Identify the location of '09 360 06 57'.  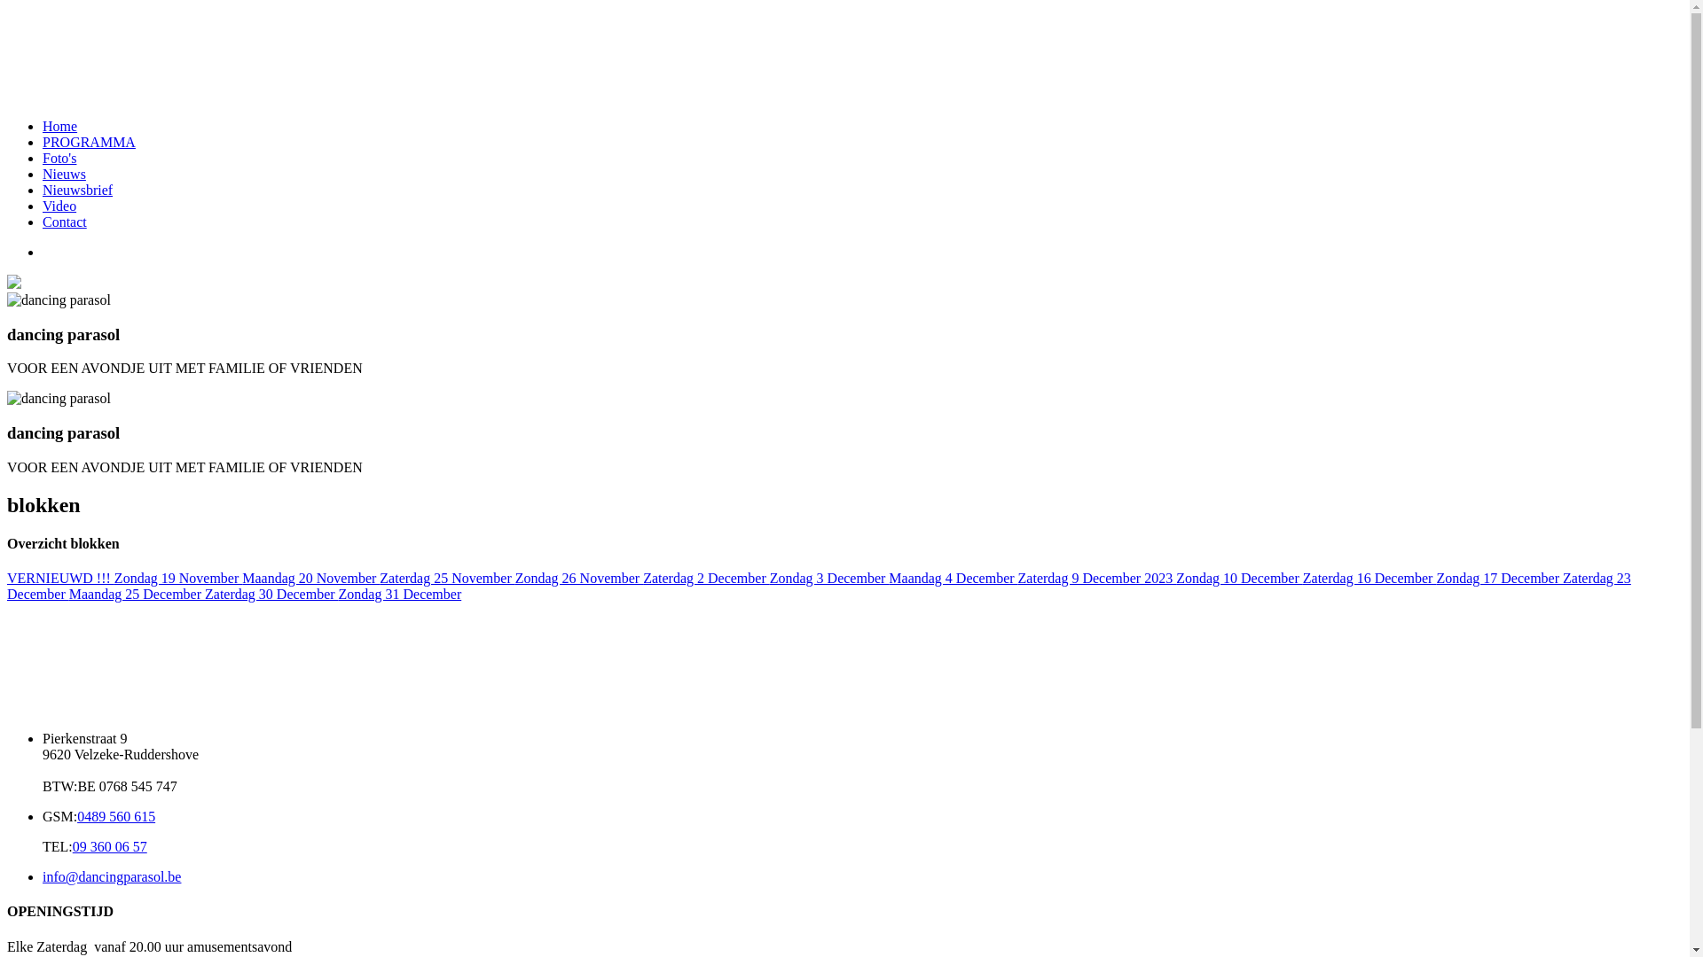
(109, 845).